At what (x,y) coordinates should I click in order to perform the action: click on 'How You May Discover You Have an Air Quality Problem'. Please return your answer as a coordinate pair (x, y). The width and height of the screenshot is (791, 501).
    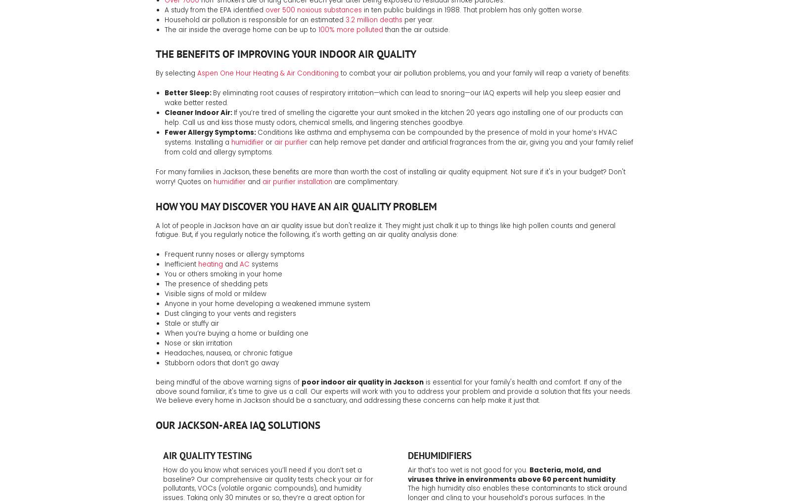
    Looking at the image, I should click on (156, 205).